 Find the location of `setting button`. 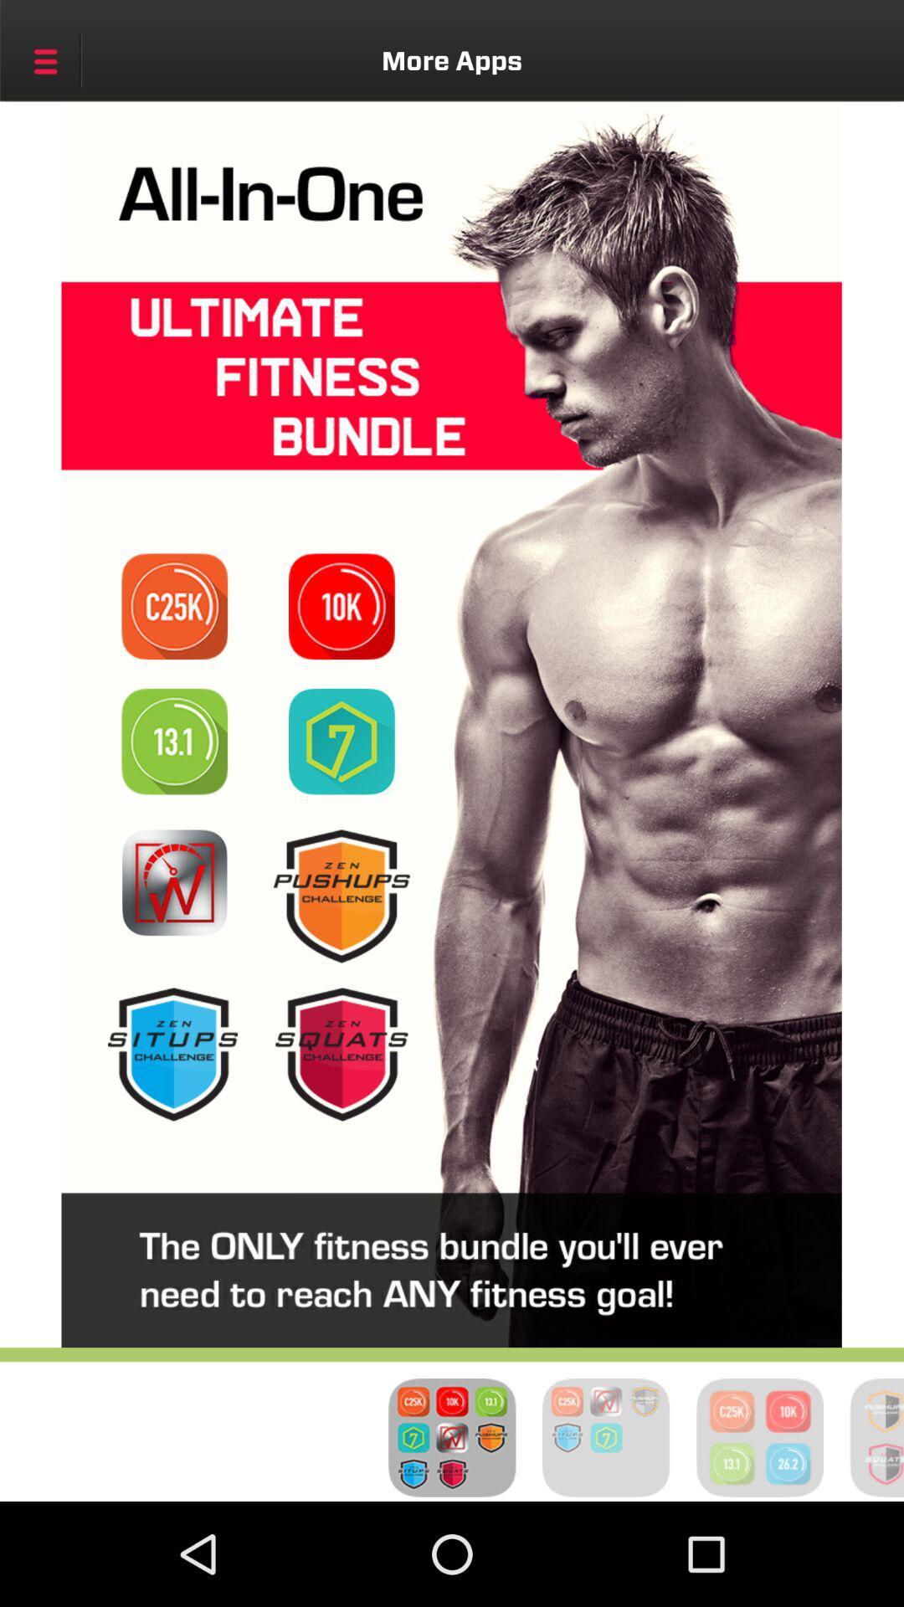

setting button is located at coordinates (44, 61).